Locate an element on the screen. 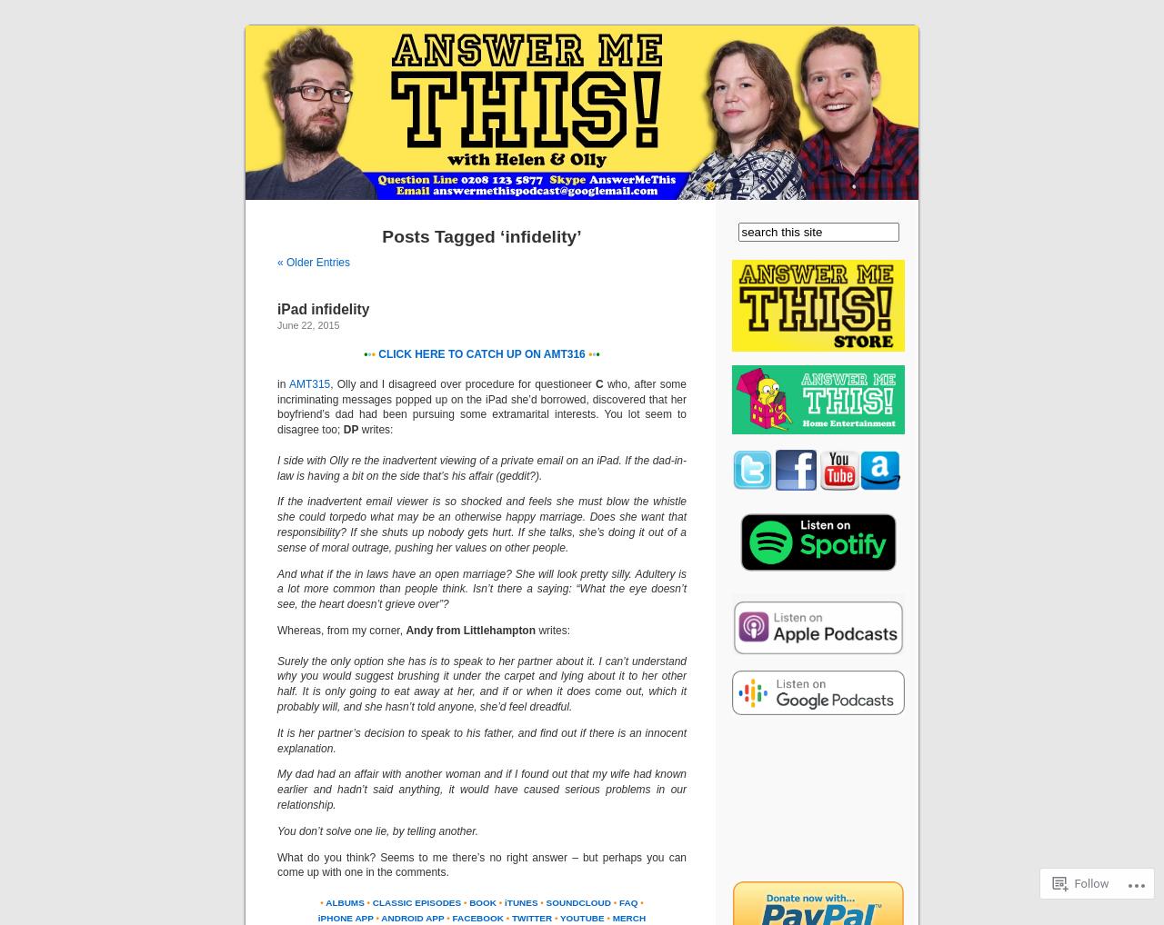 Image resolution: width=1164 pixels, height=925 pixels. 'You don’t solve one lie, by telling another.' is located at coordinates (376, 830).